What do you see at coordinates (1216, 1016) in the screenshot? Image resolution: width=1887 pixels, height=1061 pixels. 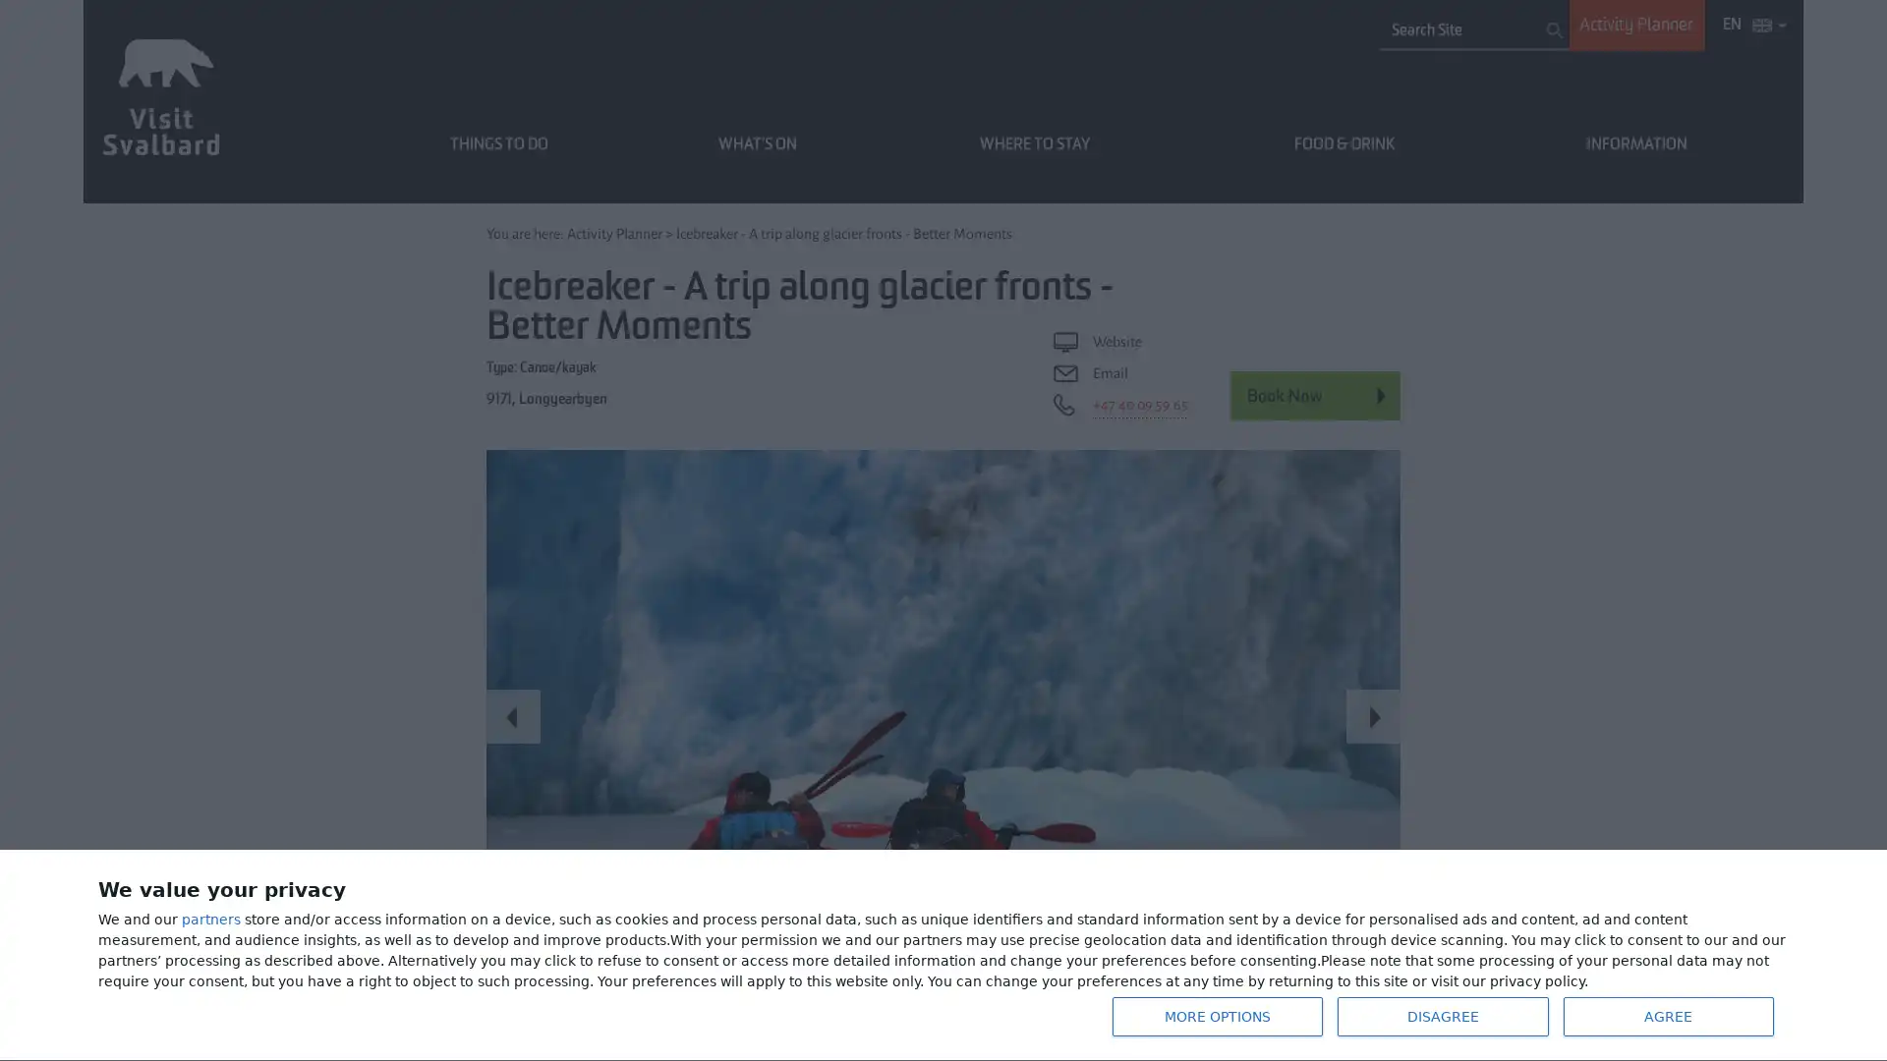 I see `MORE OPTIONS` at bounding box center [1216, 1016].